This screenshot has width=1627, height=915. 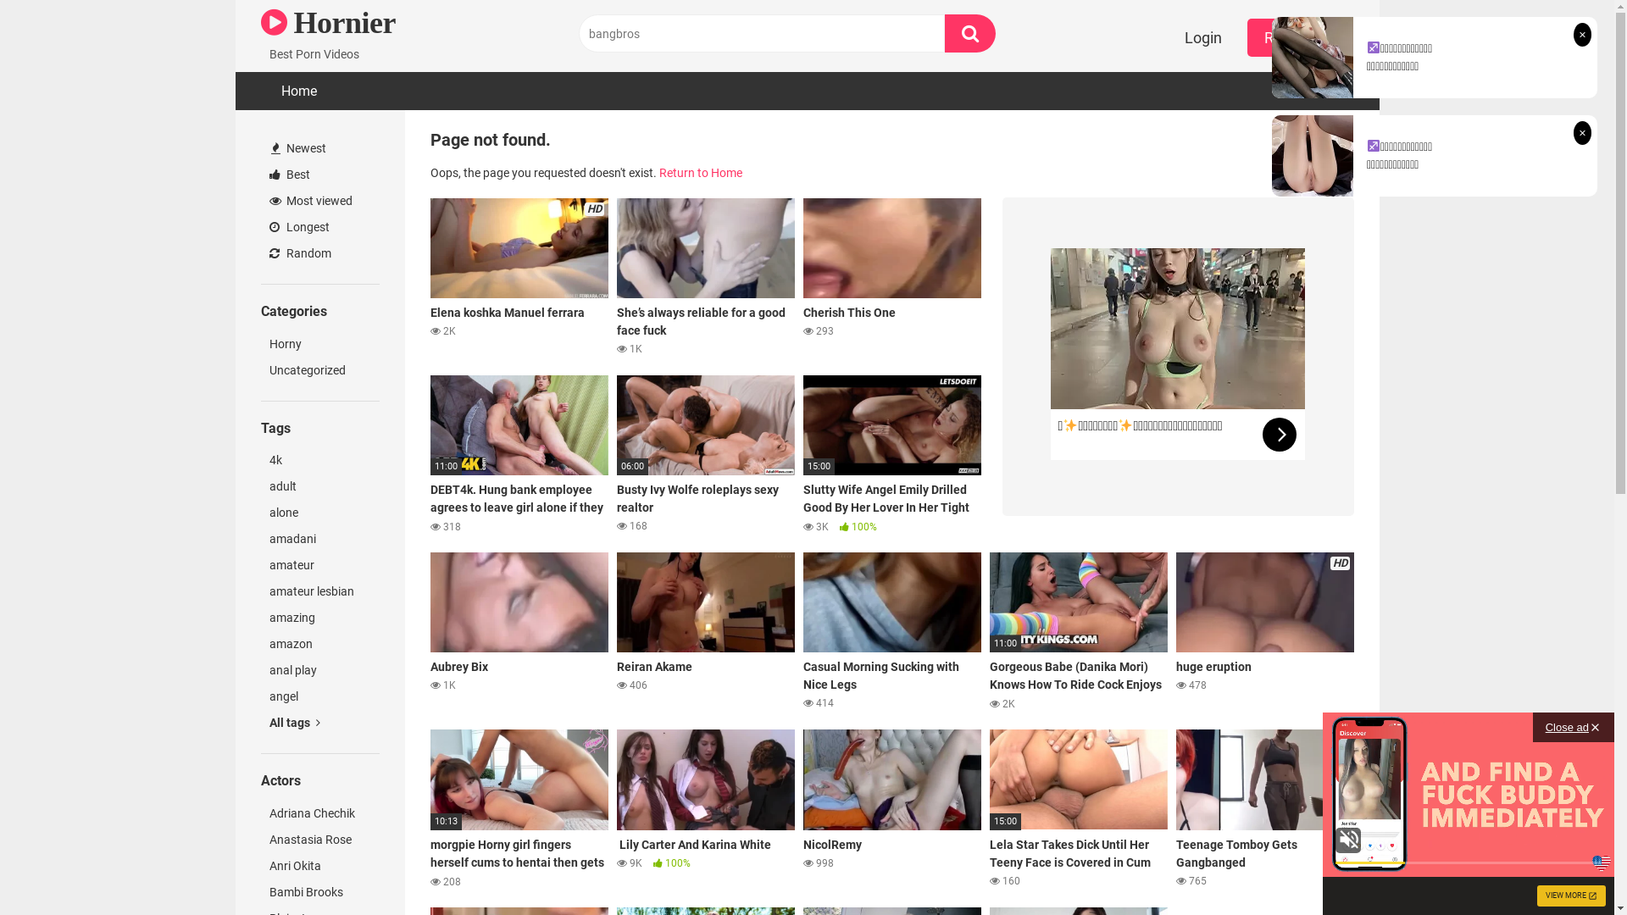 I want to click on 'amazing', so click(x=320, y=618).